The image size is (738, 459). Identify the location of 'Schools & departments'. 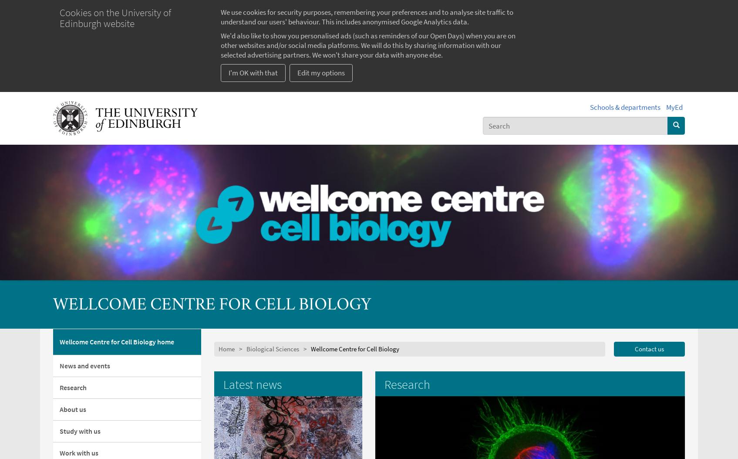
(590, 106).